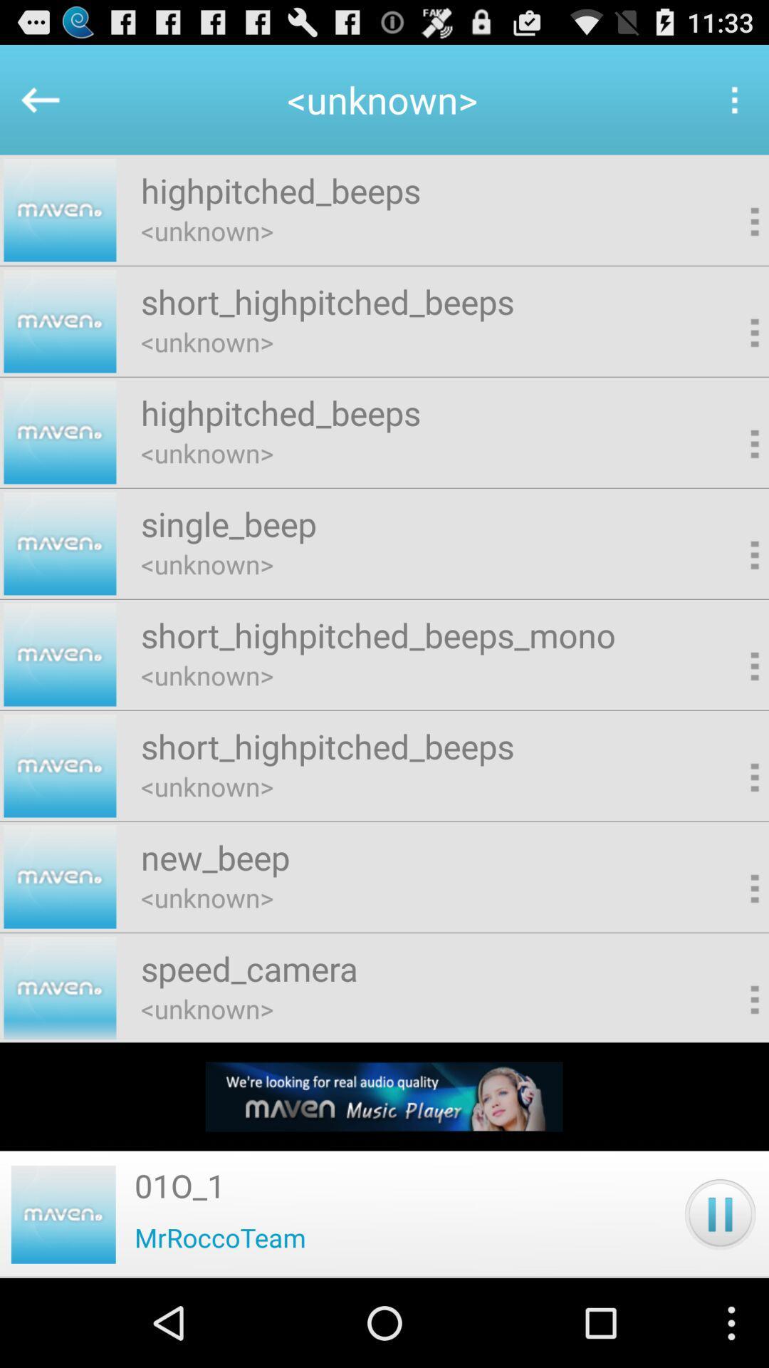 The width and height of the screenshot is (769, 1368). Describe the element at coordinates (731, 714) in the screenshot. I see `the more icon` at that location.